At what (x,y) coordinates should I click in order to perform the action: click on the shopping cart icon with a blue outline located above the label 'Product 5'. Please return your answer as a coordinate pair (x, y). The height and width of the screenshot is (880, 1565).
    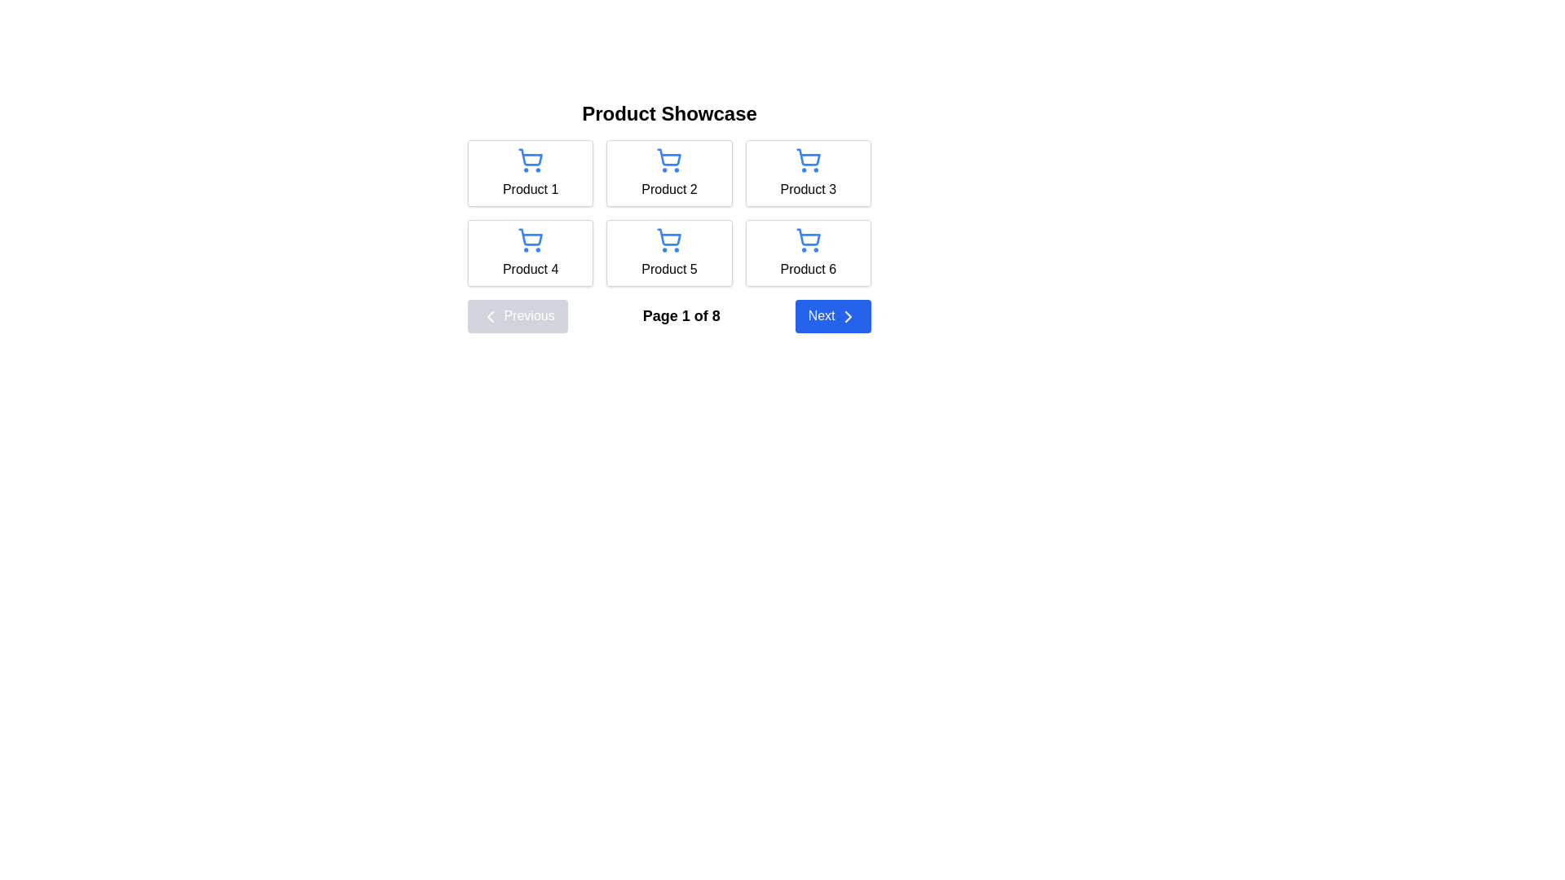
    Looking at the image, I should click on (669, 240).